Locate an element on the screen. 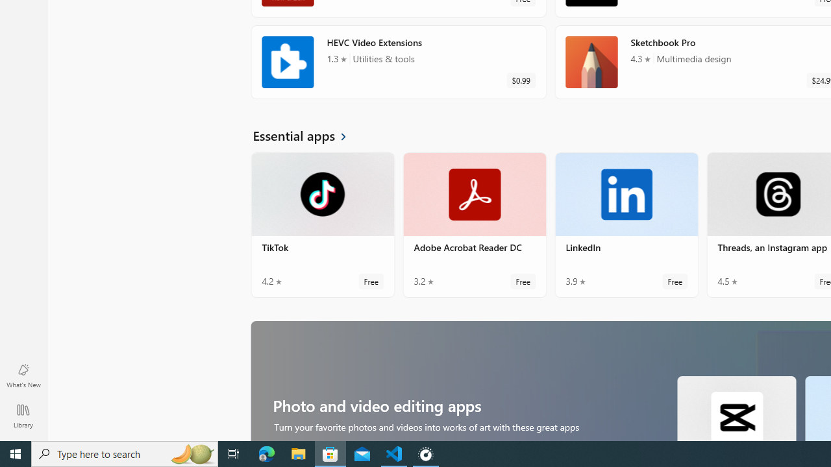  'LinkedIn. Average rating of 3.9 out of five stars. Free  ' is located at coordinates (626, 224).